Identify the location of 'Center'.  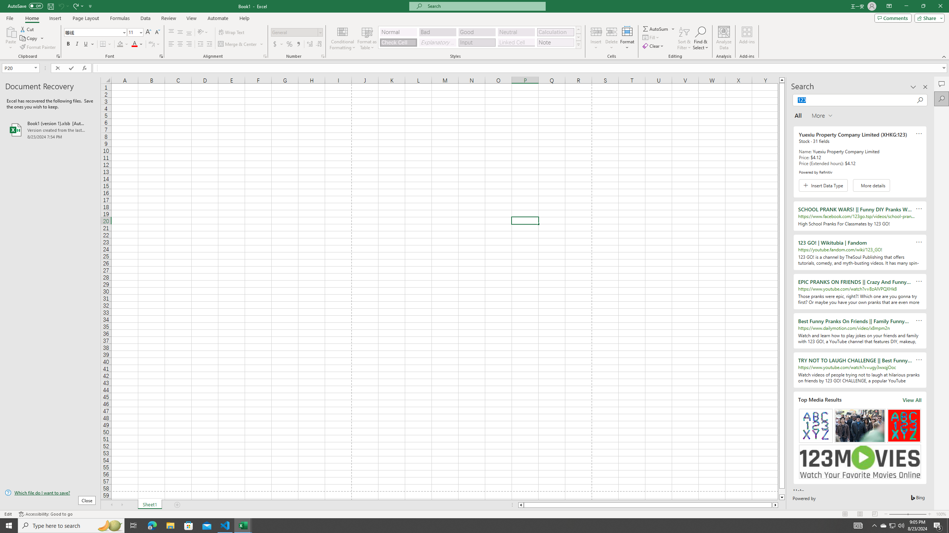
(180, 44).